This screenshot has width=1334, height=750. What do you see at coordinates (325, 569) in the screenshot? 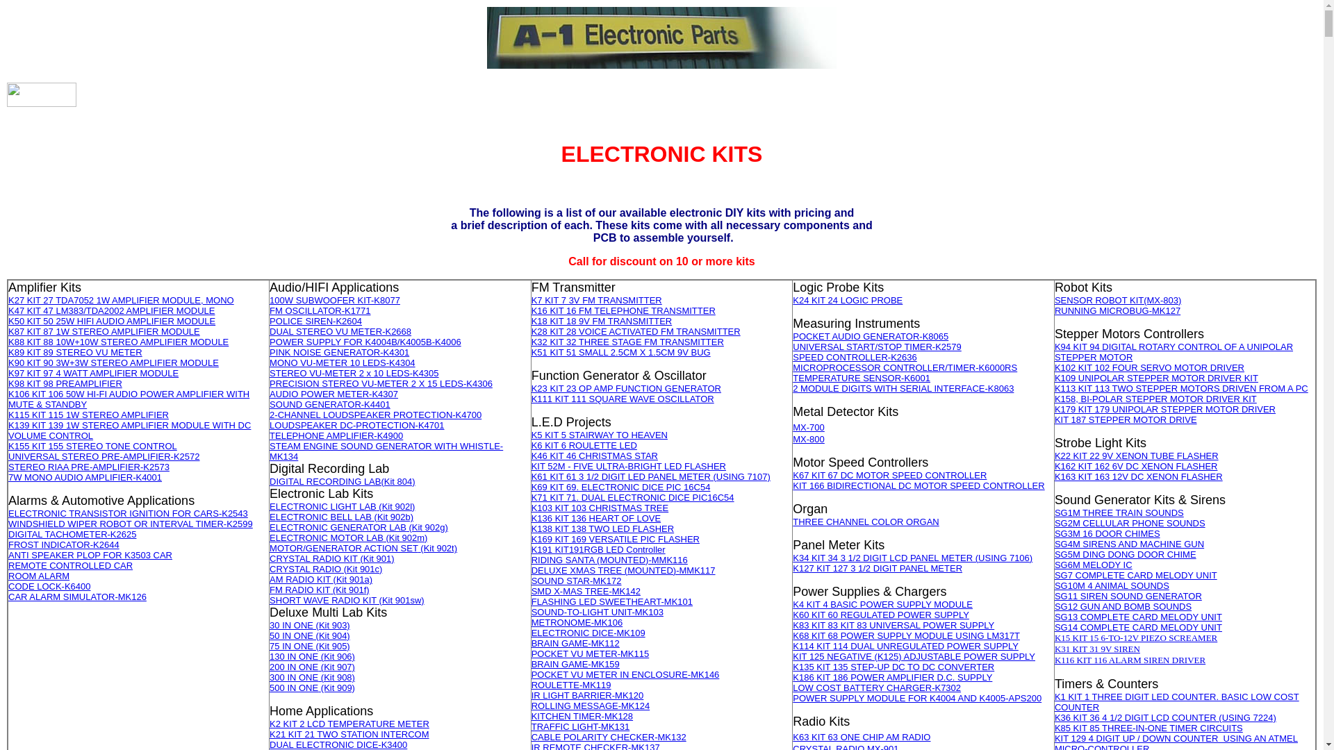
I see `'CRYSTAL RADIO (Kit 901c)'` at bounding box center [325, 569].